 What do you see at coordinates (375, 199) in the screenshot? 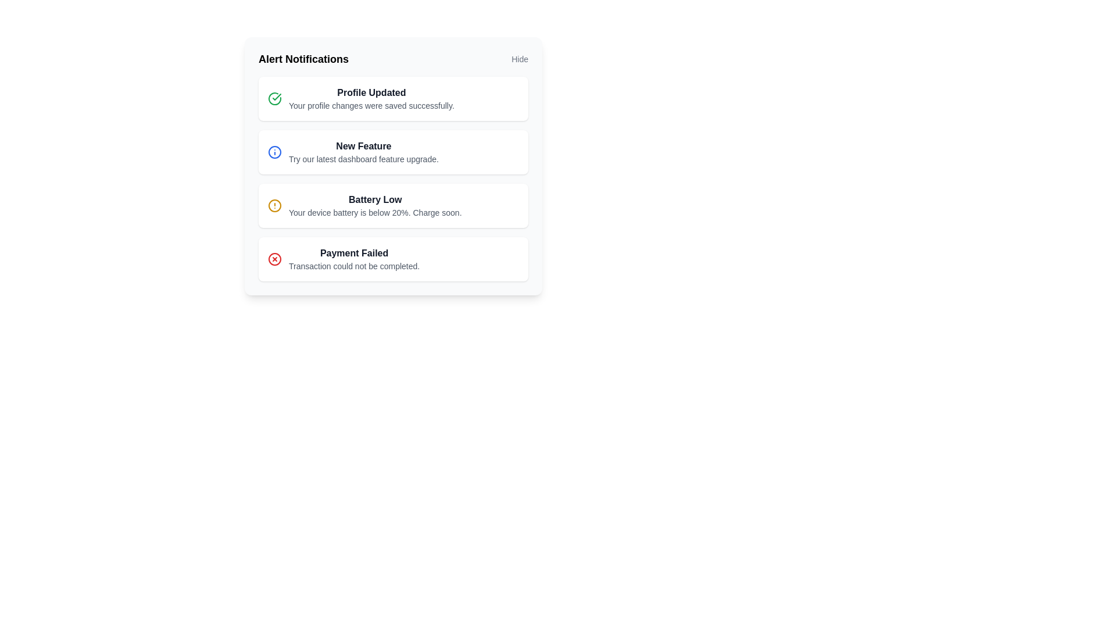
I see `text of the 'Battery Low' notification title, which serves as an alert for the user's low battery condition` at bounding box center [375, 199].